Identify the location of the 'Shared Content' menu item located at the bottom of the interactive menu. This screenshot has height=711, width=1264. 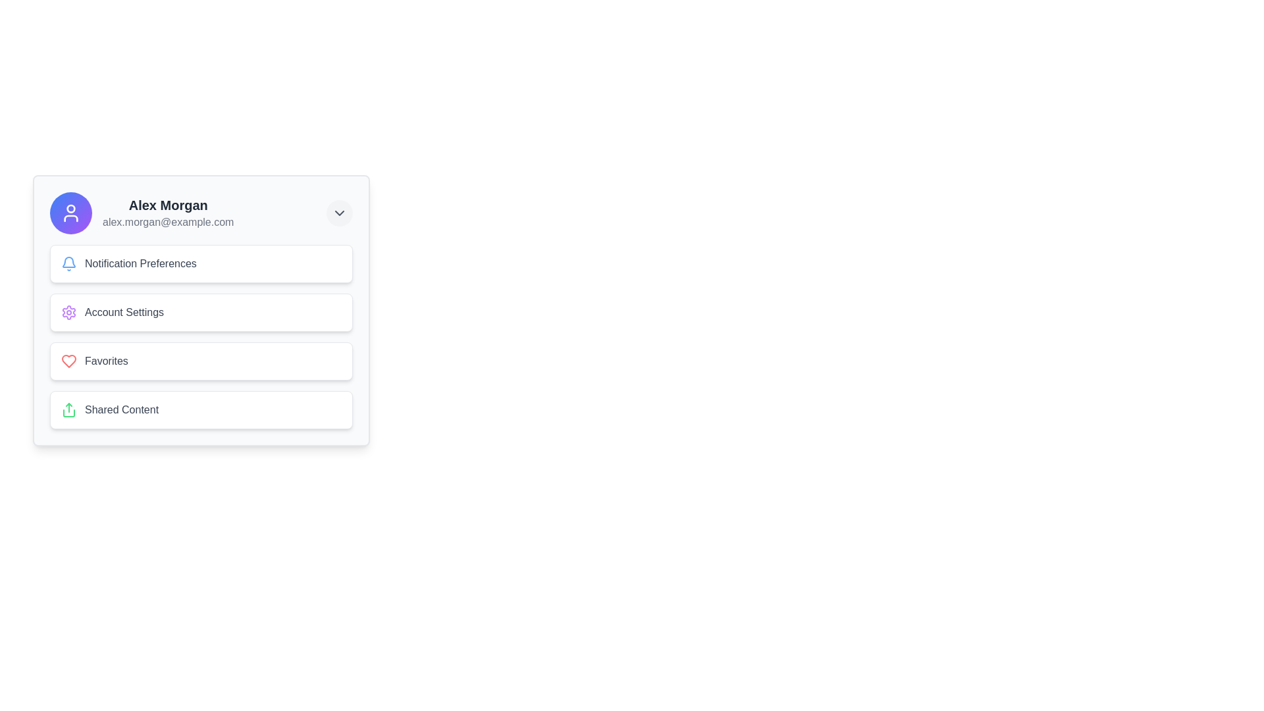
(201, 409).